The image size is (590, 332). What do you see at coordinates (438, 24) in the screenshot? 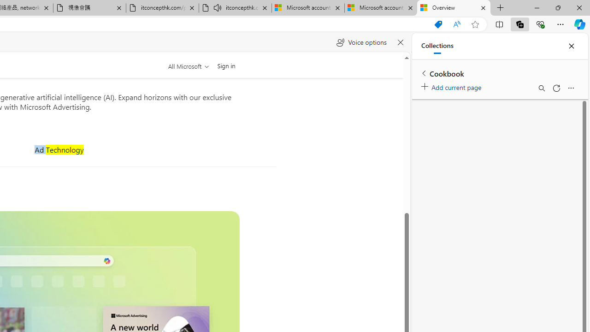
I see `'Shopping in Microsoft Edge'` at bounding box center [438, 24].